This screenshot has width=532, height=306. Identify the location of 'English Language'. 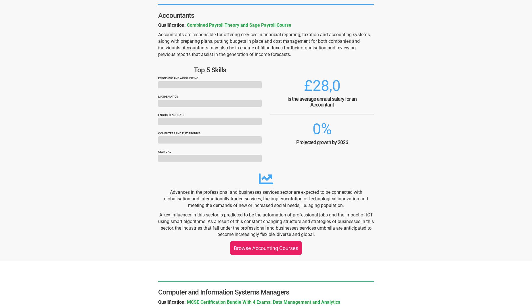
(171, 115).